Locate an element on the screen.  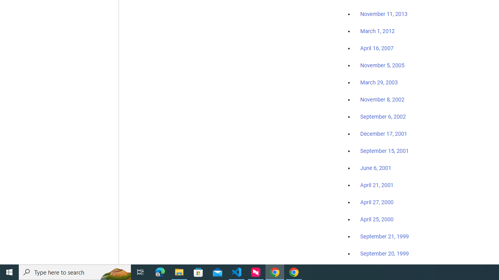
'April 25, 2000' is located at coordinates (377, 219).